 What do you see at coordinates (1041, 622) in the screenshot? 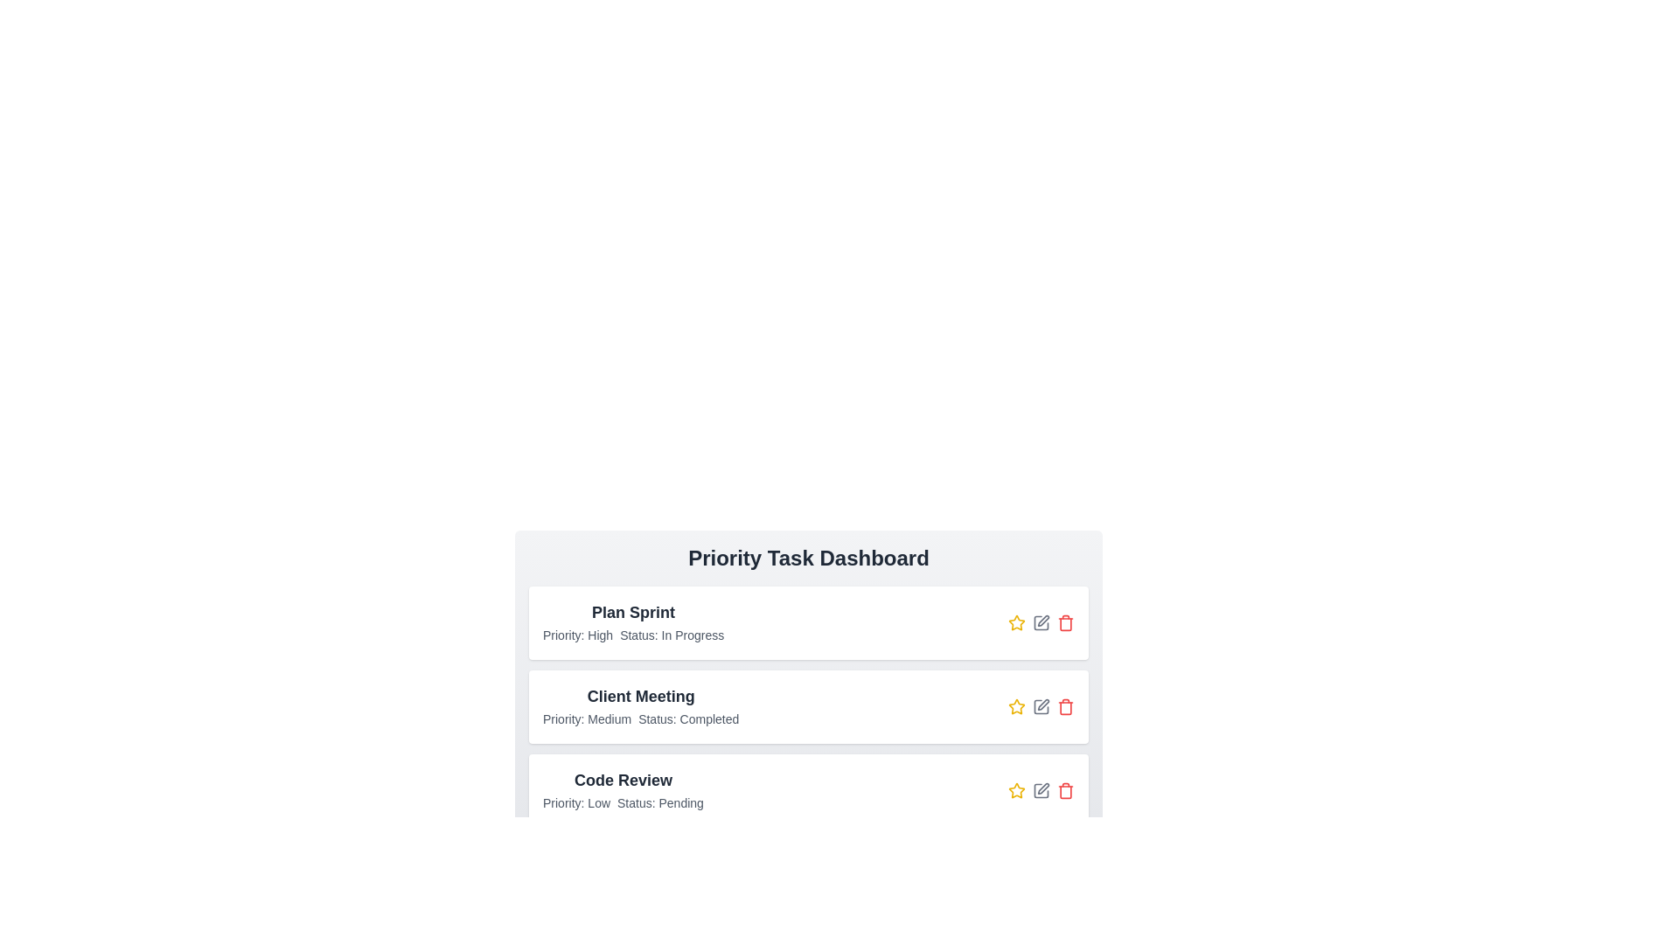
I see `the edit button for the task labeled 'Plan Sprint'` at bounding box center [1041, 622].